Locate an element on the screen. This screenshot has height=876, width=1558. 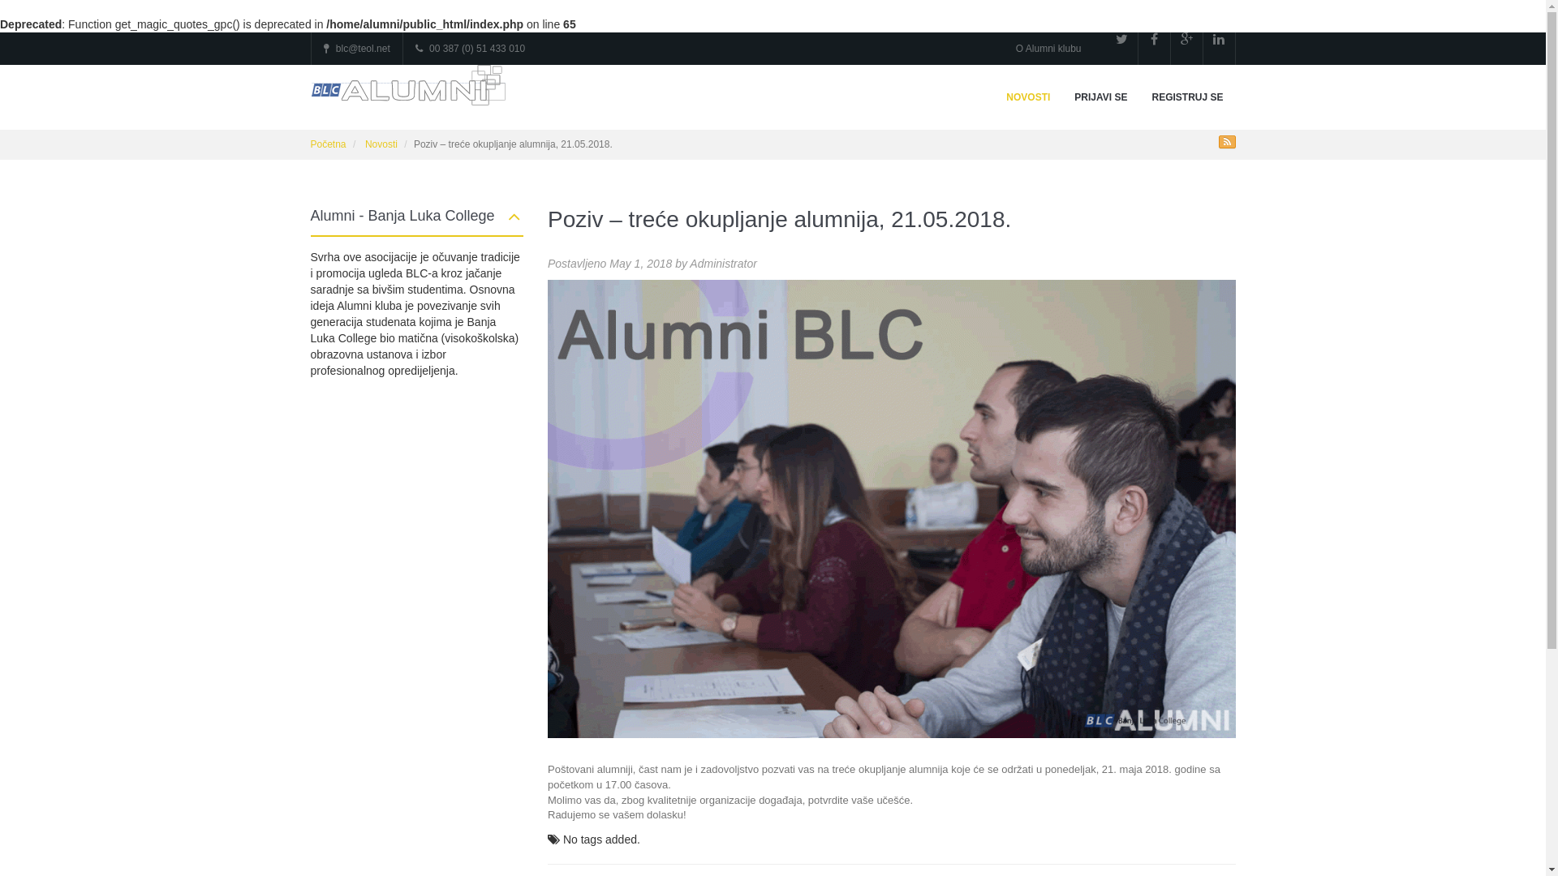
'REGISTRUJ SE' is located at coordinates (1187, 97).